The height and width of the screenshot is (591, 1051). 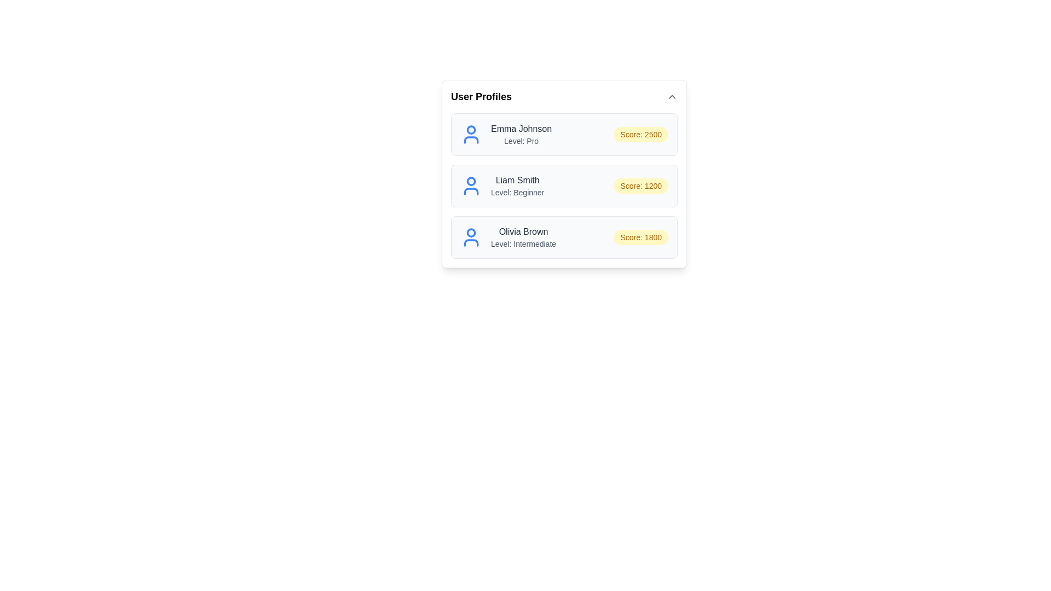 I want to click on the Text Display with Icon element that displays the user information 'Emma Johnson' and 'Level: Pro' next to a blue user profile icon, located at the top of the user profiles list, so click(x=505, y=134).